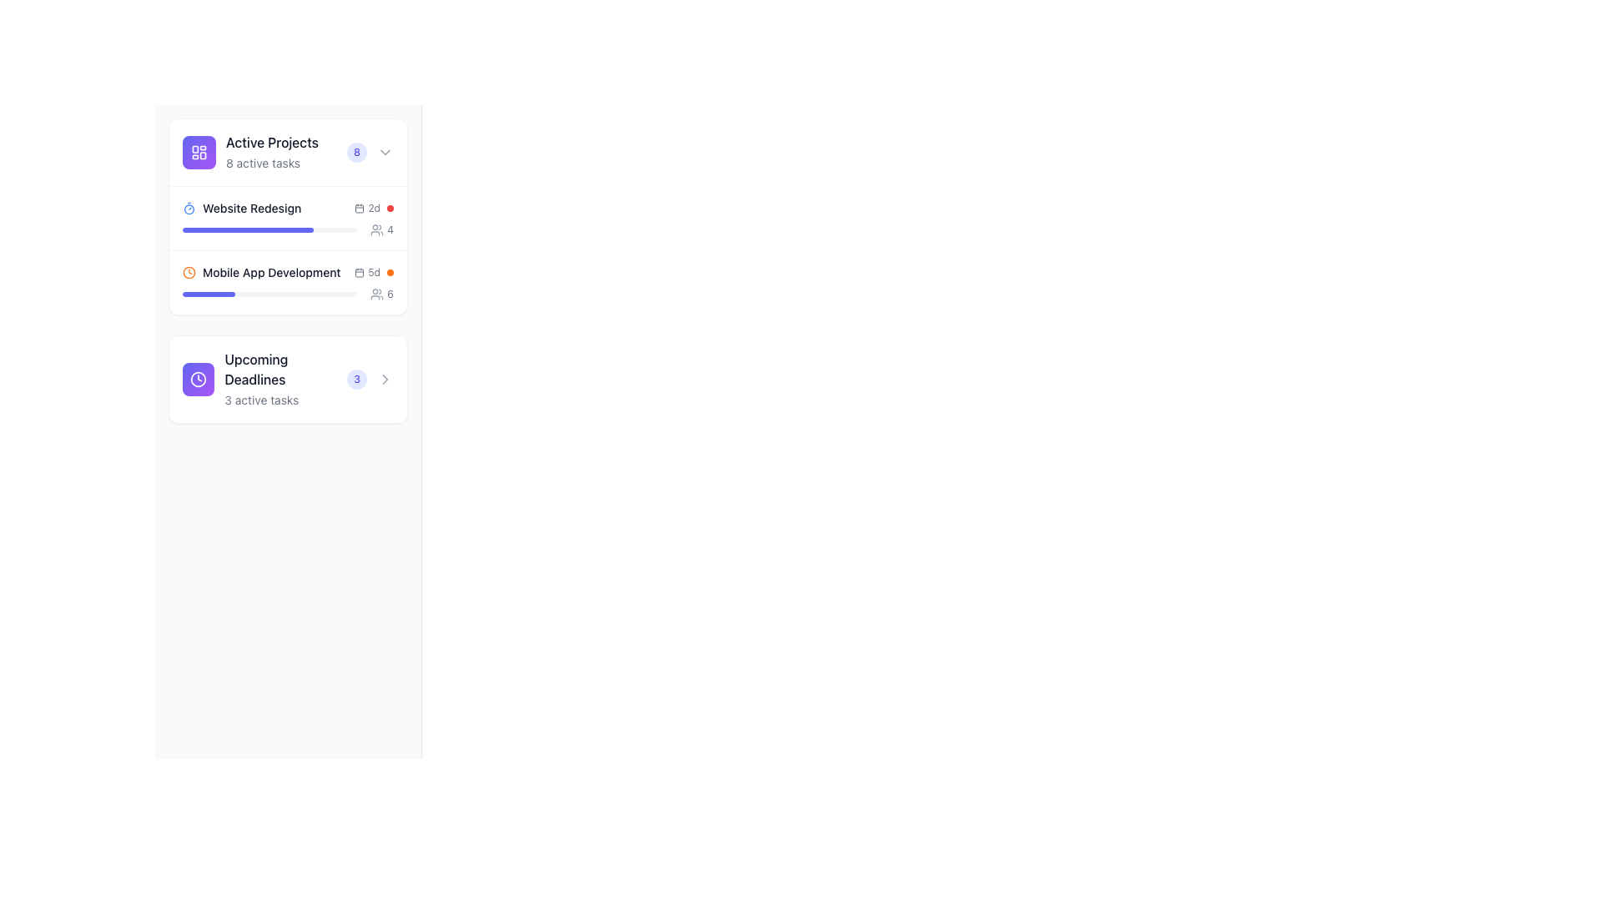  Describe the element at coordinates (260, 272) in the screenshot. I see `the label containing the orange clock icon and the text 'Mobile App Development' in the 'Active Projects' section` at that location.